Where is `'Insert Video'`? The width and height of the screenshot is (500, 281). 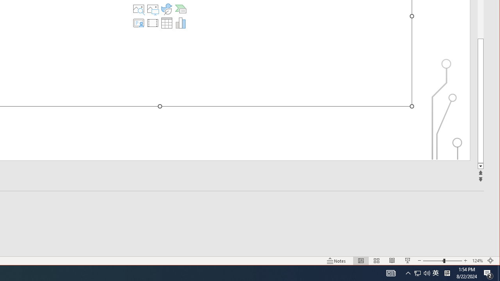 'Insert Video' is located at coordinates (153, 23).